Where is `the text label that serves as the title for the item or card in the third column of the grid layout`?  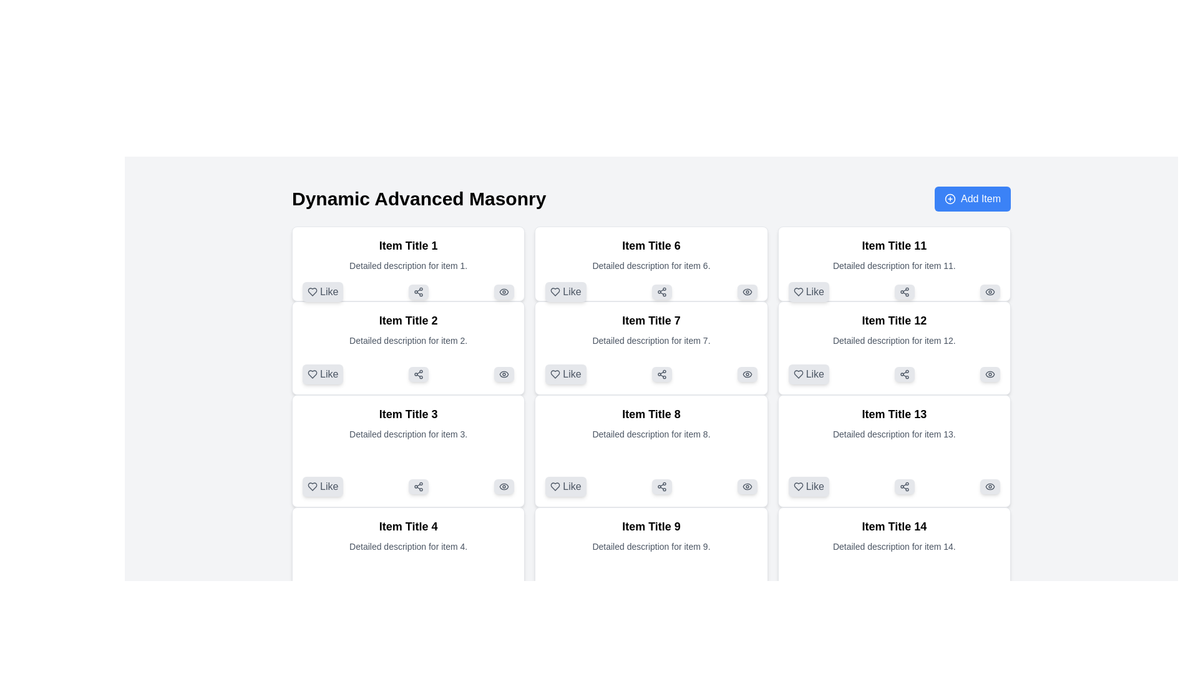
the text label that serves as the title for the item or card in the third column of the grid layout is located at coordinates (894, 320).